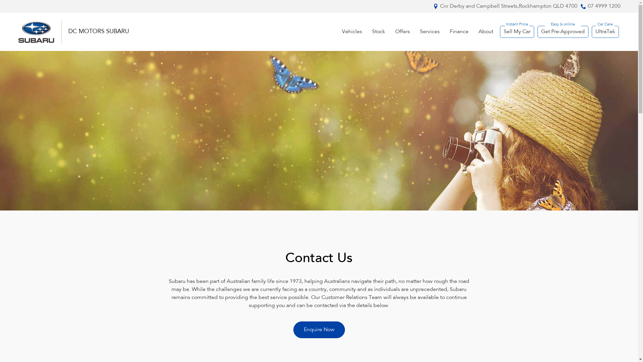 This screenshot has width=643, height=362. I want to click on 'Vehicles', so click(352, 32).